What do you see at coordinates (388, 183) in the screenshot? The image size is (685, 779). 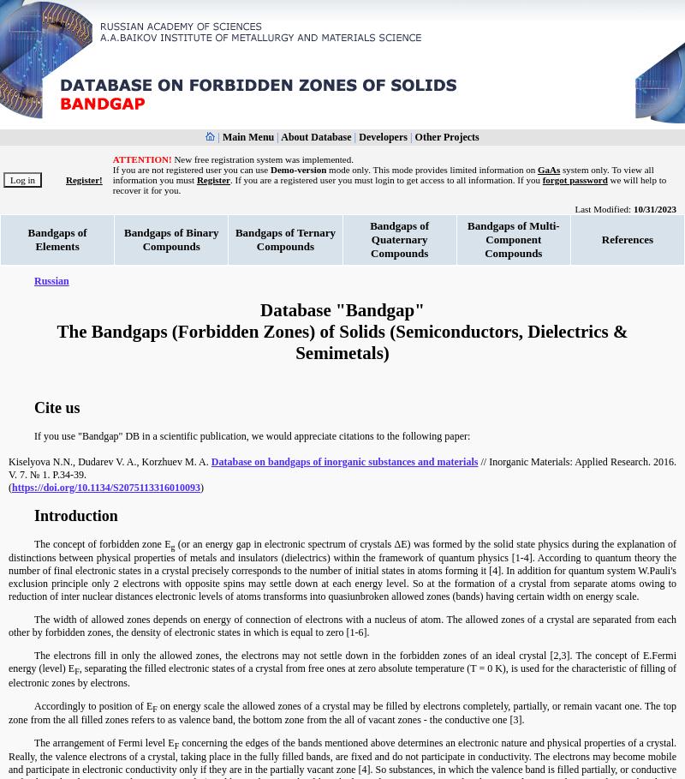 I see `'we will help to recover it for you.'` at bounding box center [388, 183].